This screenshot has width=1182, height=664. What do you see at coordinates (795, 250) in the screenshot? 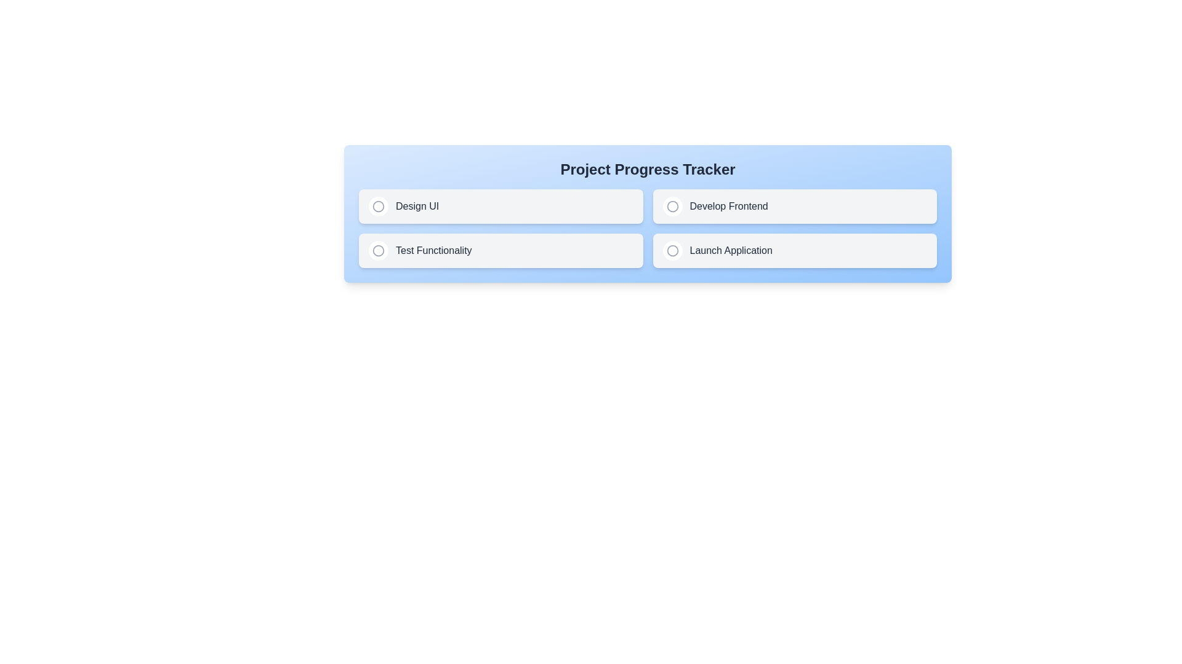
I see `the task chip labeled 'Launch Application' to toggle its completion state` at bounding box center [795, 250].